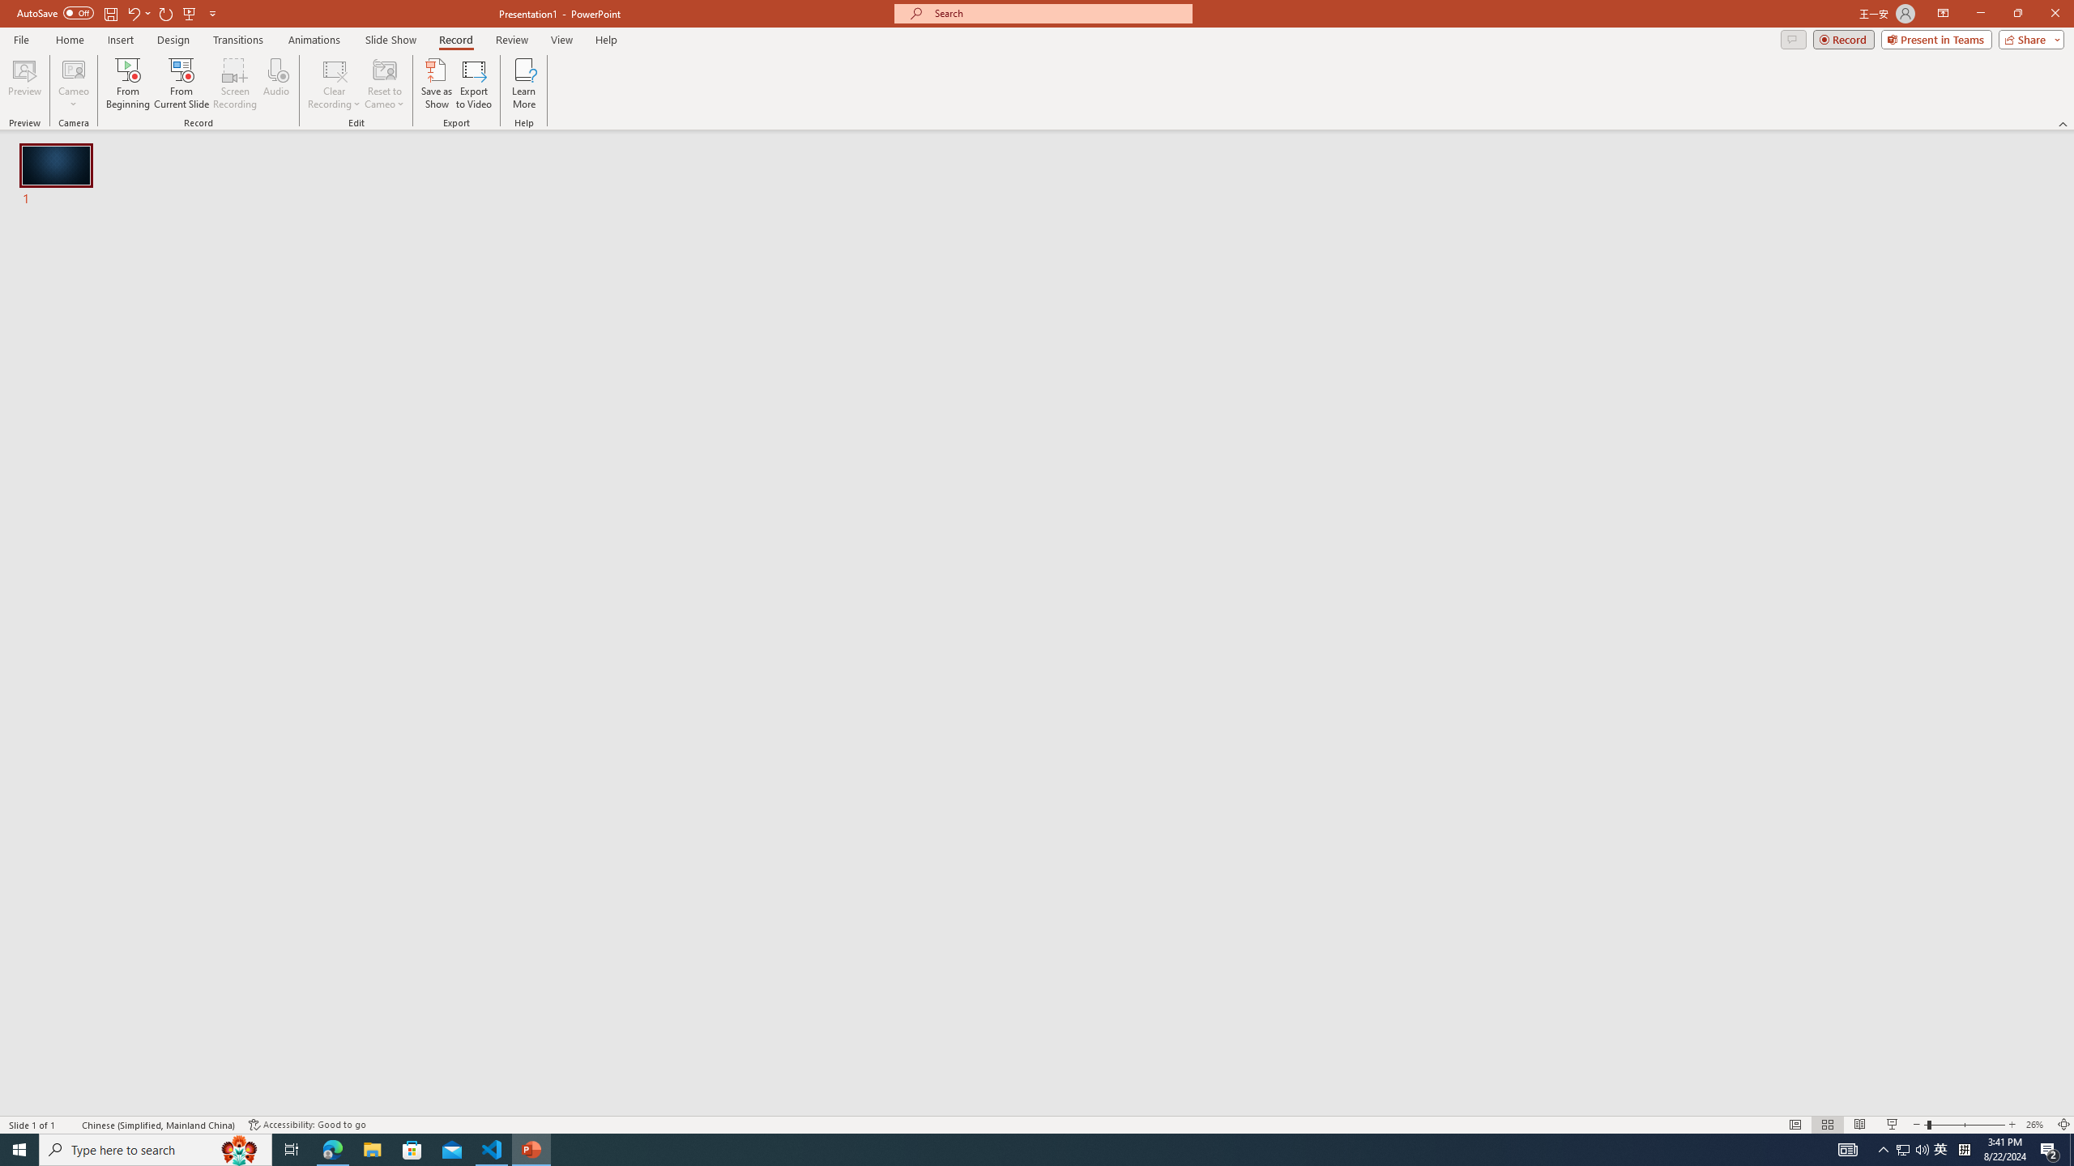  What do you see at coordinates (70, 1125) in the screenshot?
I see `'Spell Check '` at bounding box center [70, 1125].